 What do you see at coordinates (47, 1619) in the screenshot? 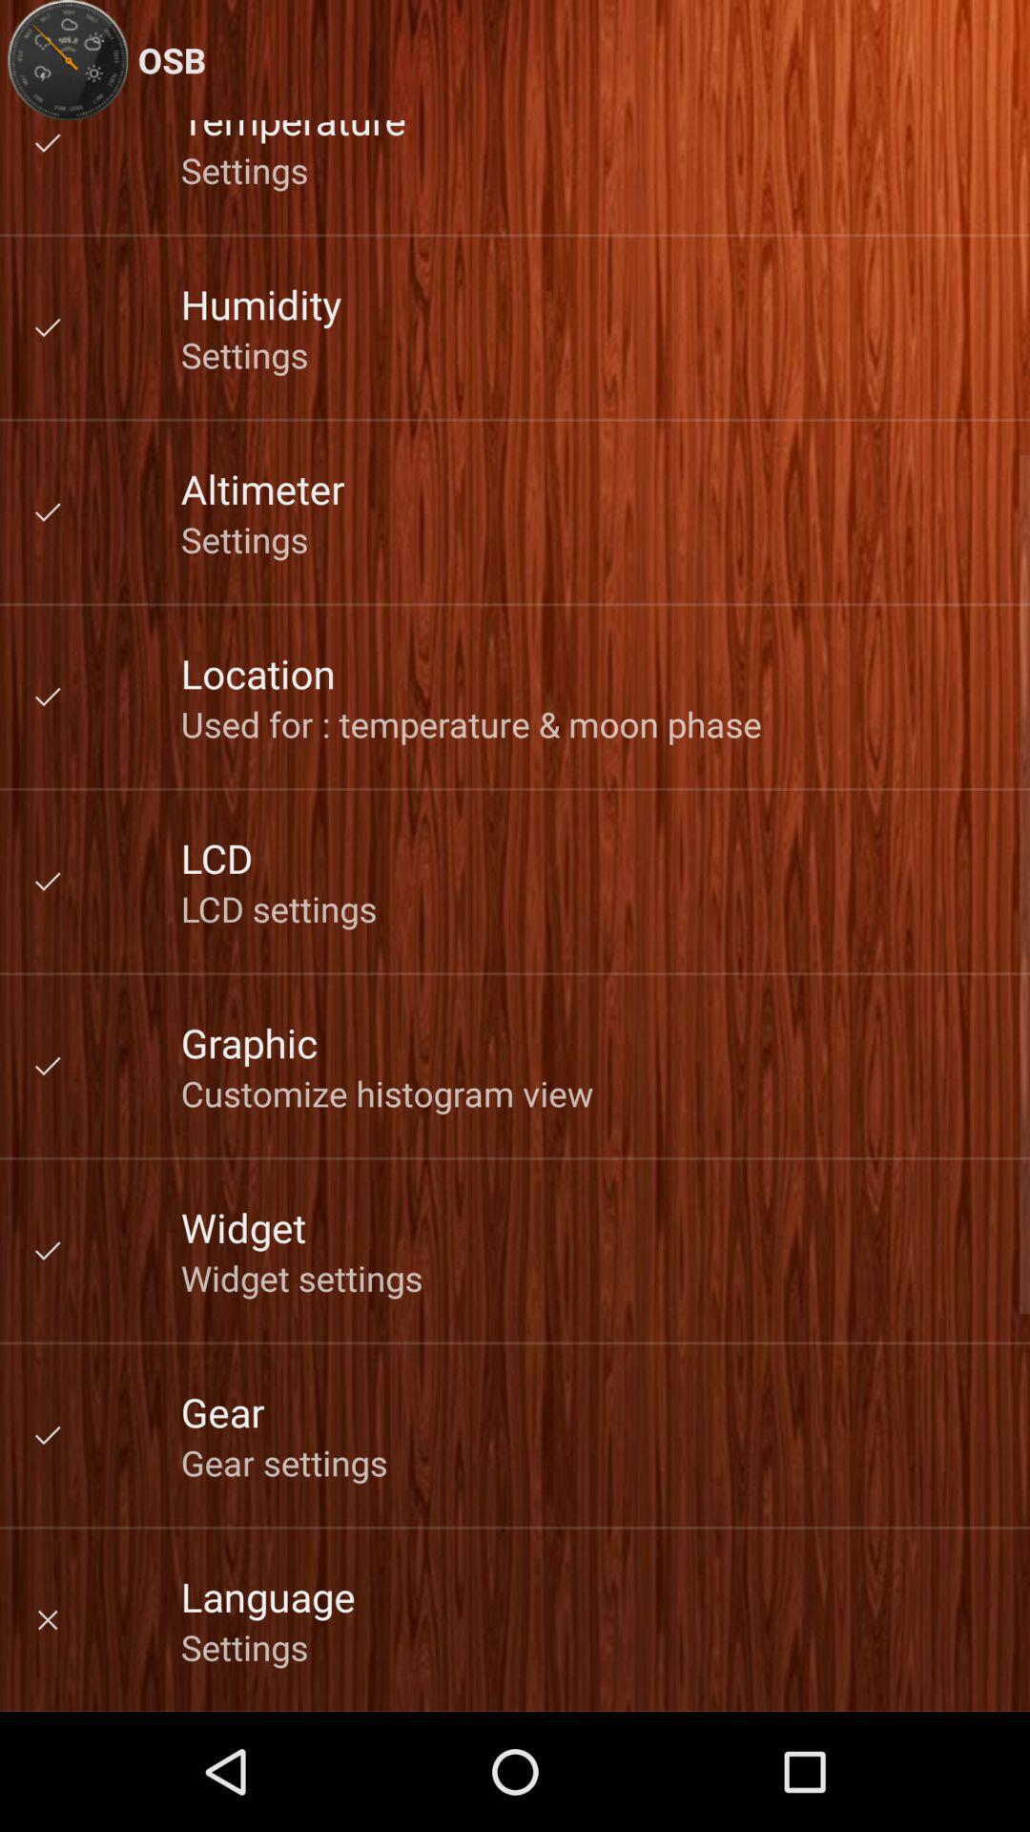
I see `the cross mark below the page` at bounding box center [47, 1619].